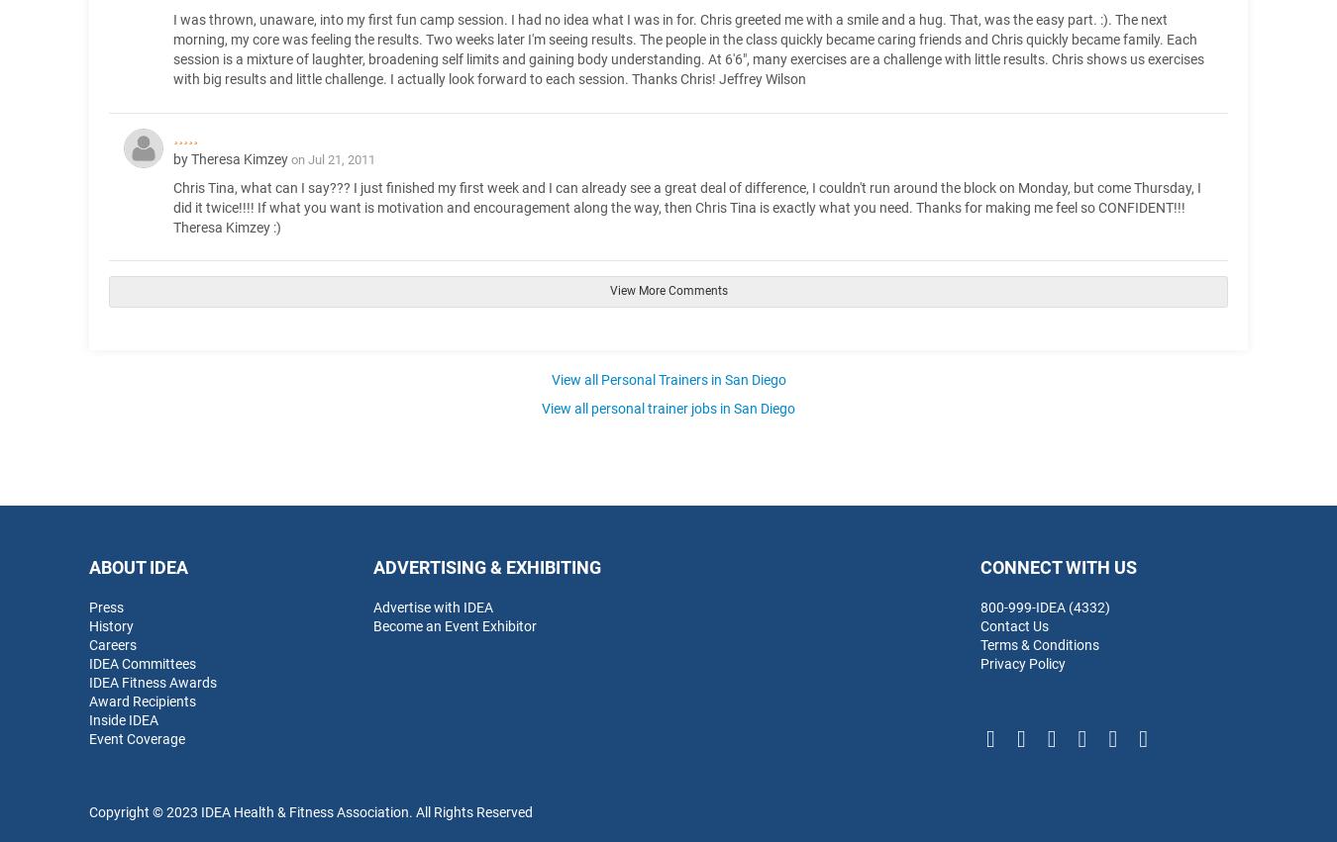 The width and height of the screenshot is (1337, 842). I want to click on 'Advertising & Exhibiting', so click(485, 566).